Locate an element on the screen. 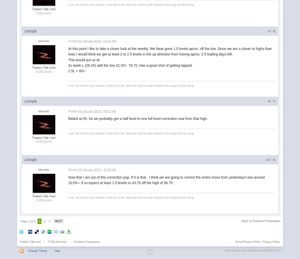 The width and height of the screenshot is (300, 259). 'Page 1 of 3' is located at coordinates (28, 221).